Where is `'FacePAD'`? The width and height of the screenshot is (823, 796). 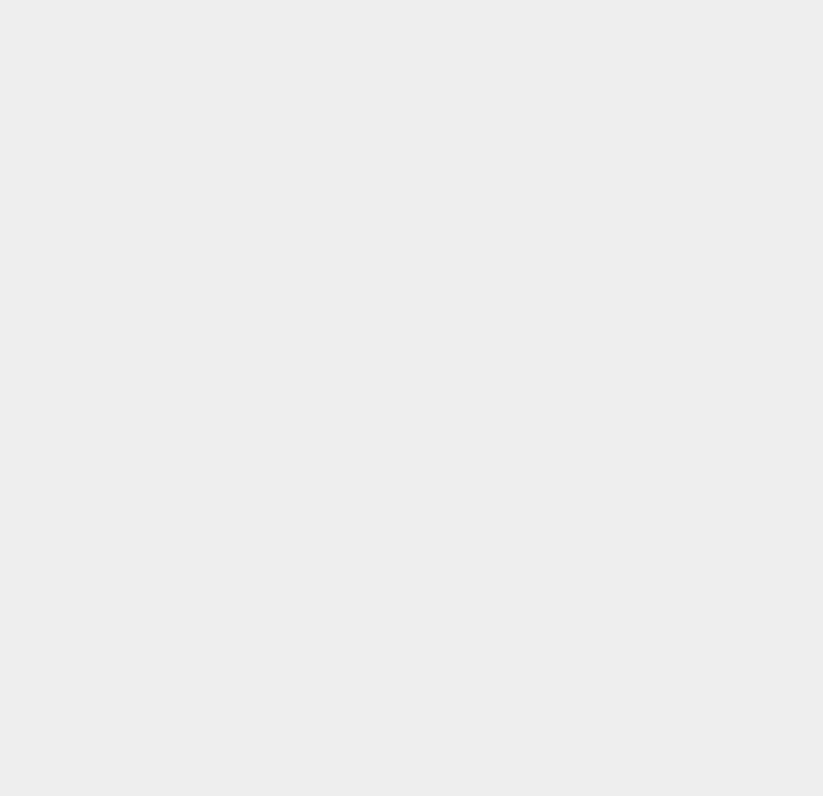
'FacePAD' is located at coordinates (602, 515).